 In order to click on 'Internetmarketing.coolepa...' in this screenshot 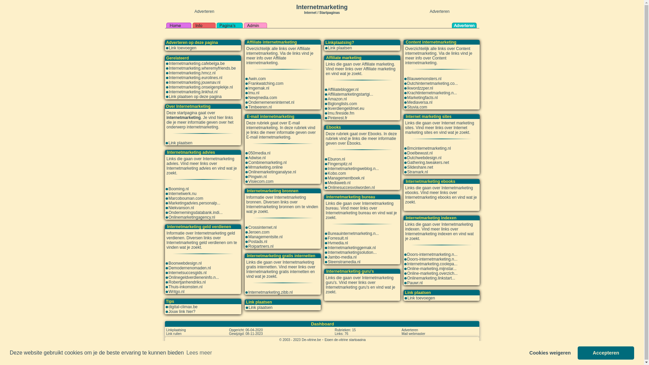, I will do `click(432, 263)`.